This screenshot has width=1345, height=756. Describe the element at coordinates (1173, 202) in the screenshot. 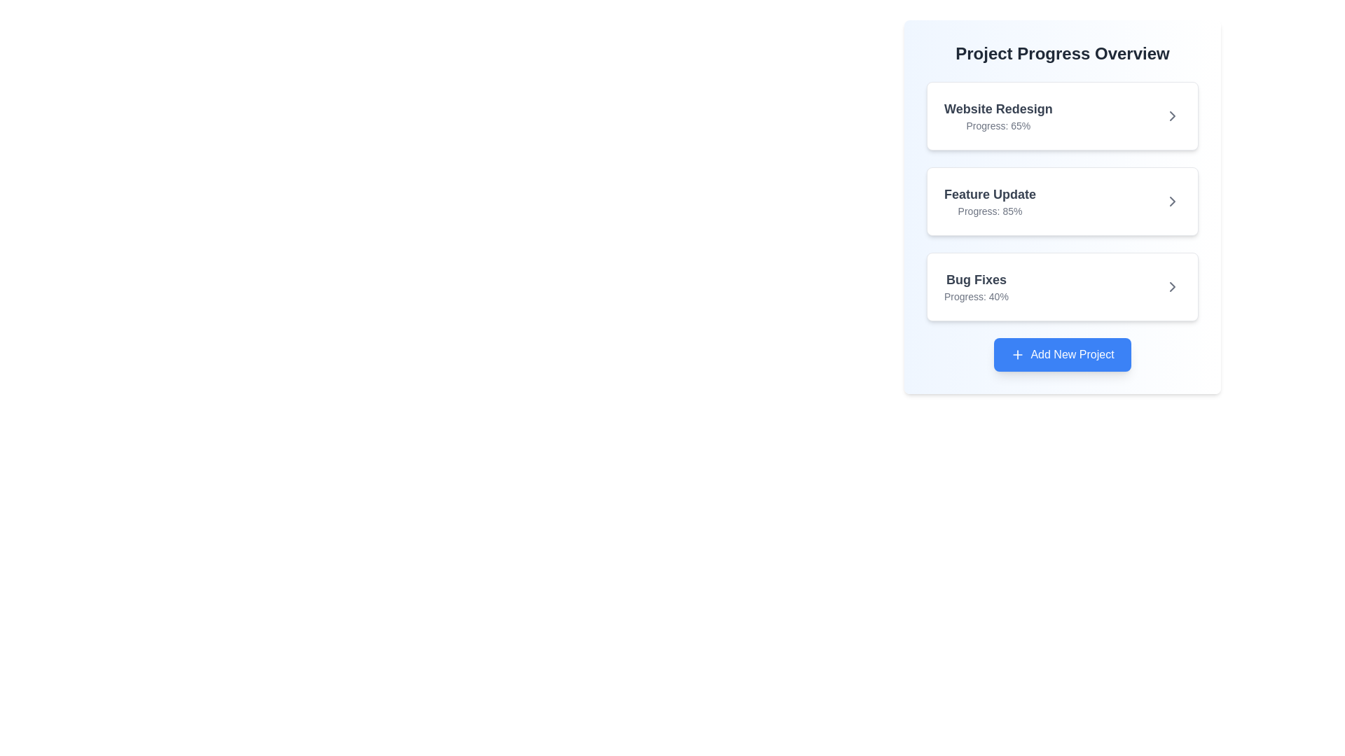

I see `the arrow icon located at the far right of the 'Feature Update' section` at that location.